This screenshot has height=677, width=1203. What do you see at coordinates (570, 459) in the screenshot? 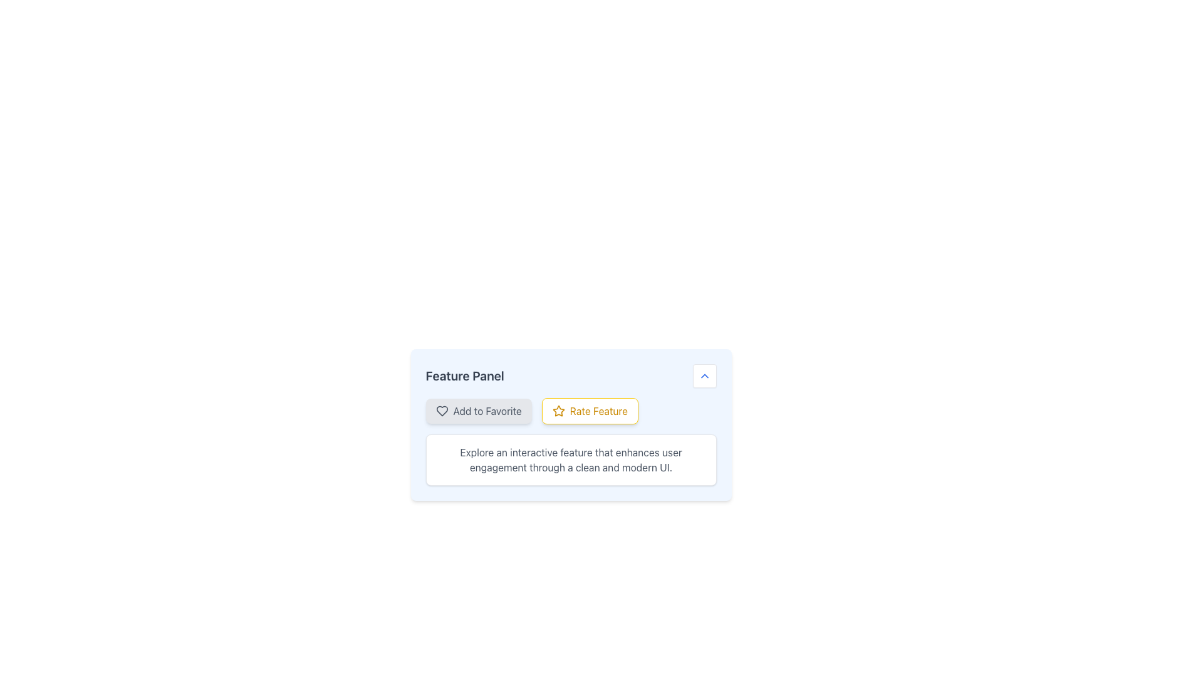
I see `the static text element that provides descriptive explanations for the features or benefits associated with the 'Feature Panel', positioned beneath the 'Add to Favorite' and 'Rate Feature' buttons` at bounding box center [570, 459].